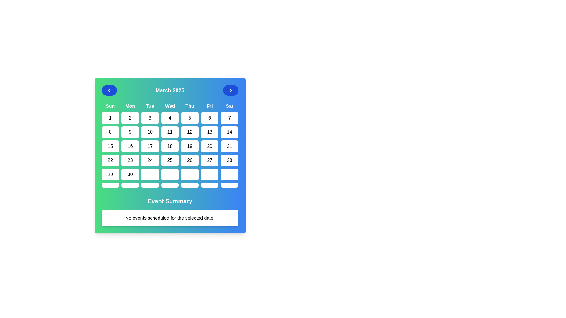 Image resolution: width=566 pixels, height=318 pixels. Describe the element at coordinates (229, 160) in the screenshot. I see `the button labeled '28' which is located in the calendar interface under the 'Sat' column` at that location.